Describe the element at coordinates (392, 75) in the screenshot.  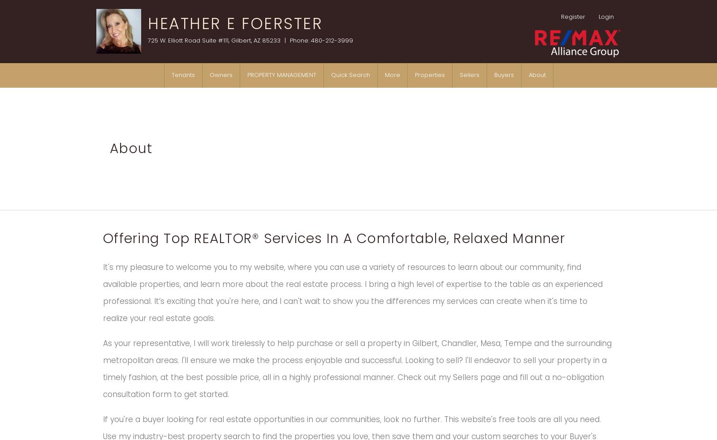
I see `'More'` at that location.